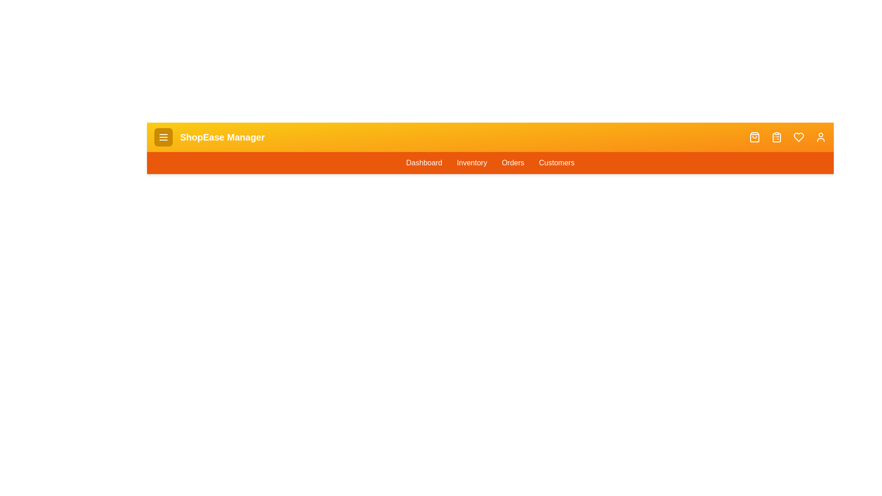  I want to click on the navigation link for Dashboard to navigate to the respective section, so click(423, 162).